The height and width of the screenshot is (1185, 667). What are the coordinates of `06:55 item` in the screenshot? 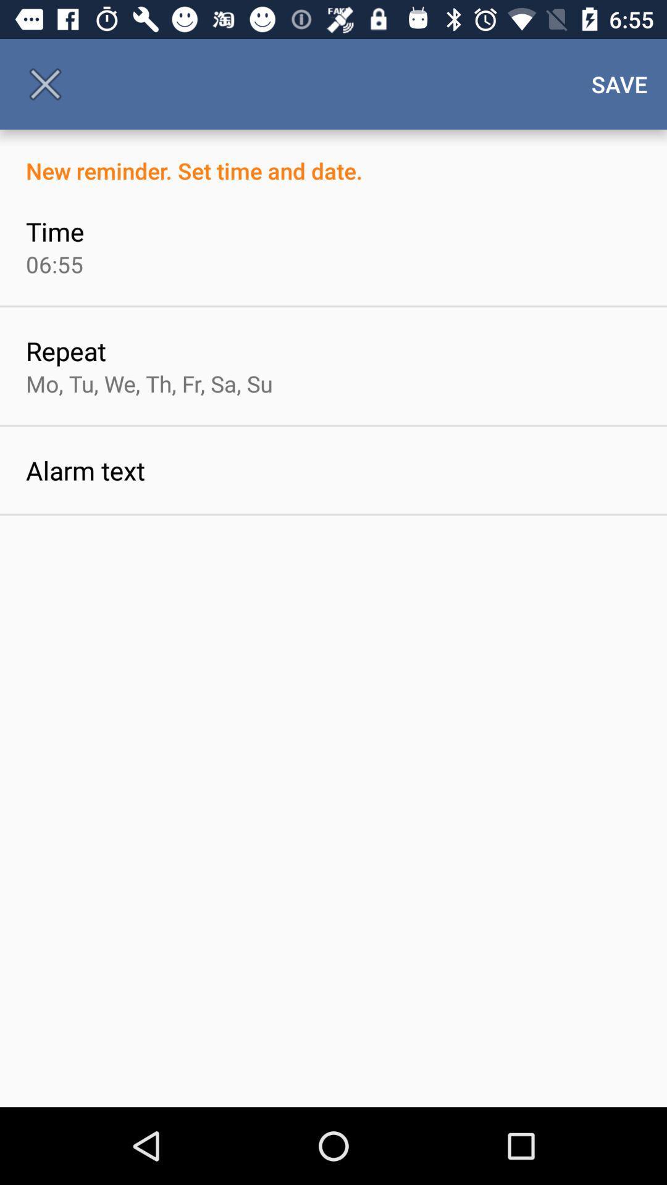 It's located at (54, 264).